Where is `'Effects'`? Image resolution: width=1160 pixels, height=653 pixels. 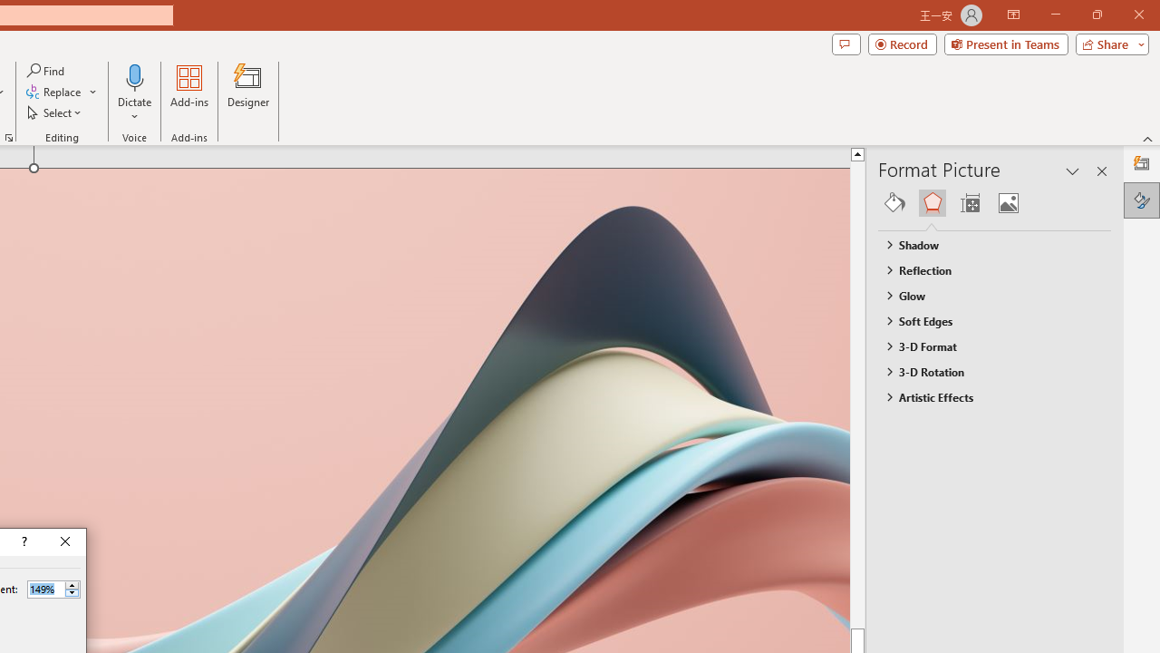
'Effects' is located at coordinates (932, 202).